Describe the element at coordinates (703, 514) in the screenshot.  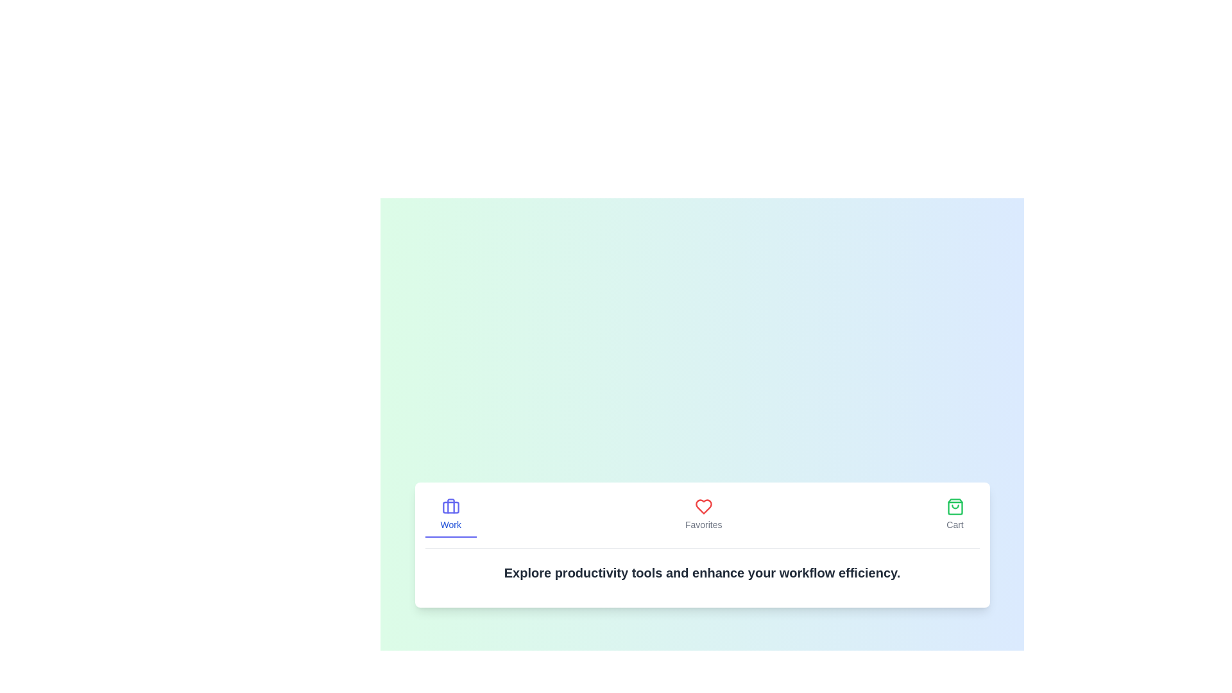
I see `the tab icon Favorites to observe the visual effect` at that location.